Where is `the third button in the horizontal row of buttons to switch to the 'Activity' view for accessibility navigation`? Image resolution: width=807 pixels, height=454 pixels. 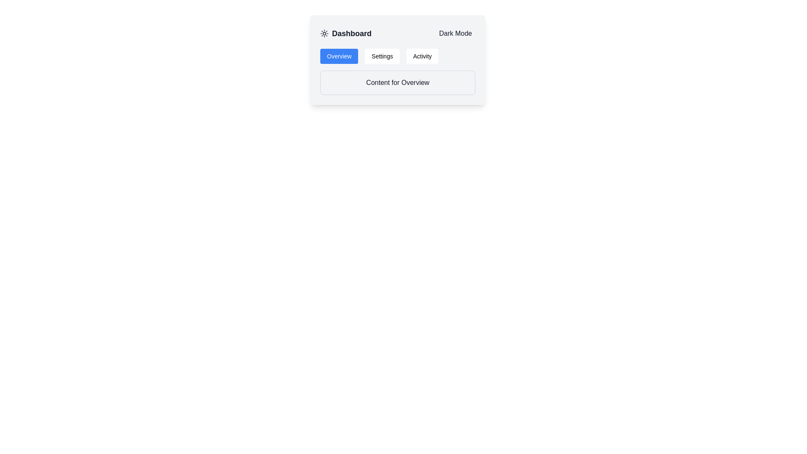
the third button in the horizontal row of buttons to switch to the 'Activity' view for accessibility navigation is located at coordinates (422, 56).